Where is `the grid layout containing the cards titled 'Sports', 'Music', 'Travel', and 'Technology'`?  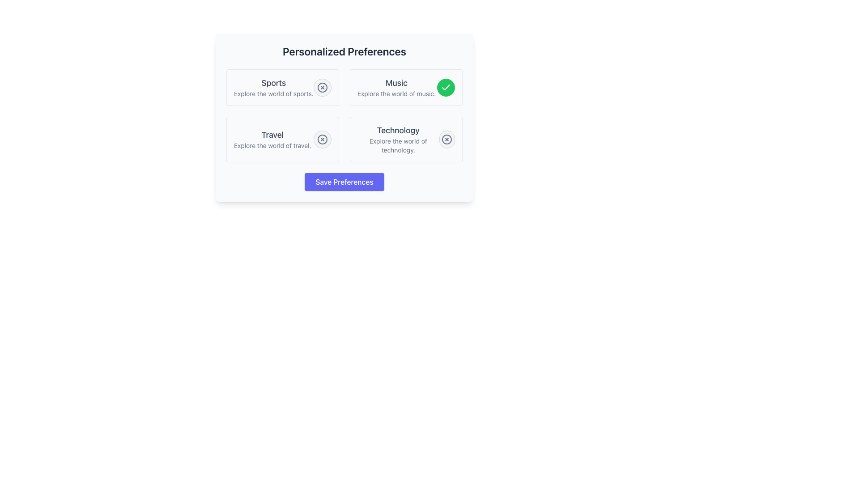 the grid layout containing the cards titled 'Sports', 'Music', 'Travel', and 'Technology' is located at coordinates (344, 115).